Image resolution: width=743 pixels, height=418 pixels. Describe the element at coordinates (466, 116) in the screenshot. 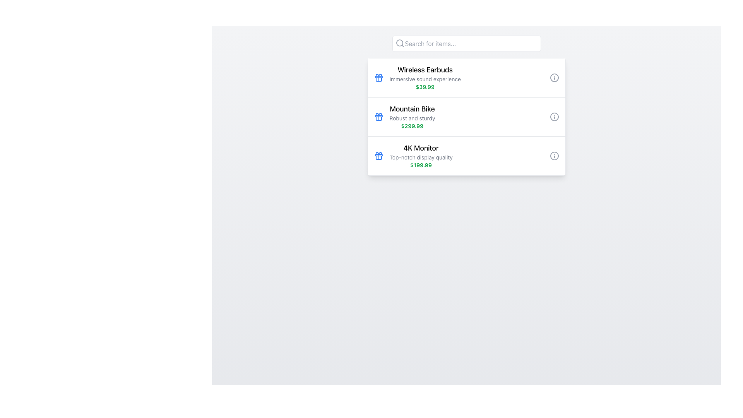

I see `the second list item displaying a product's details` at that location.